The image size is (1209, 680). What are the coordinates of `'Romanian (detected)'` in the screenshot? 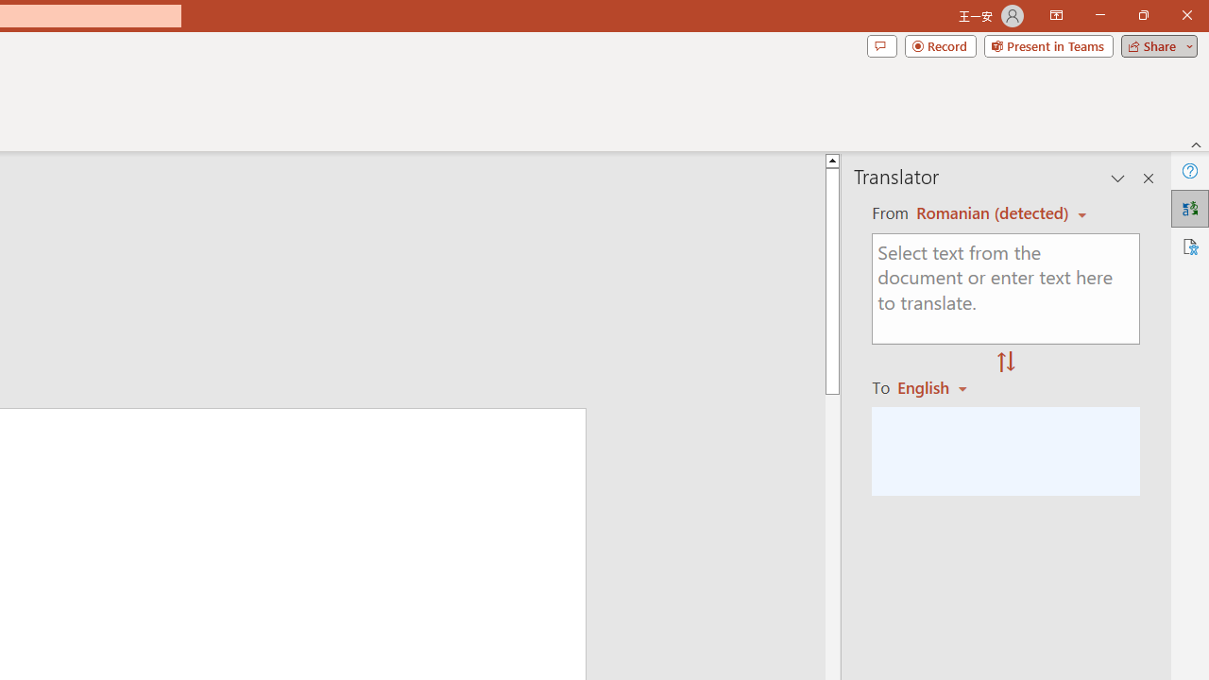 It's located at (988, 212).